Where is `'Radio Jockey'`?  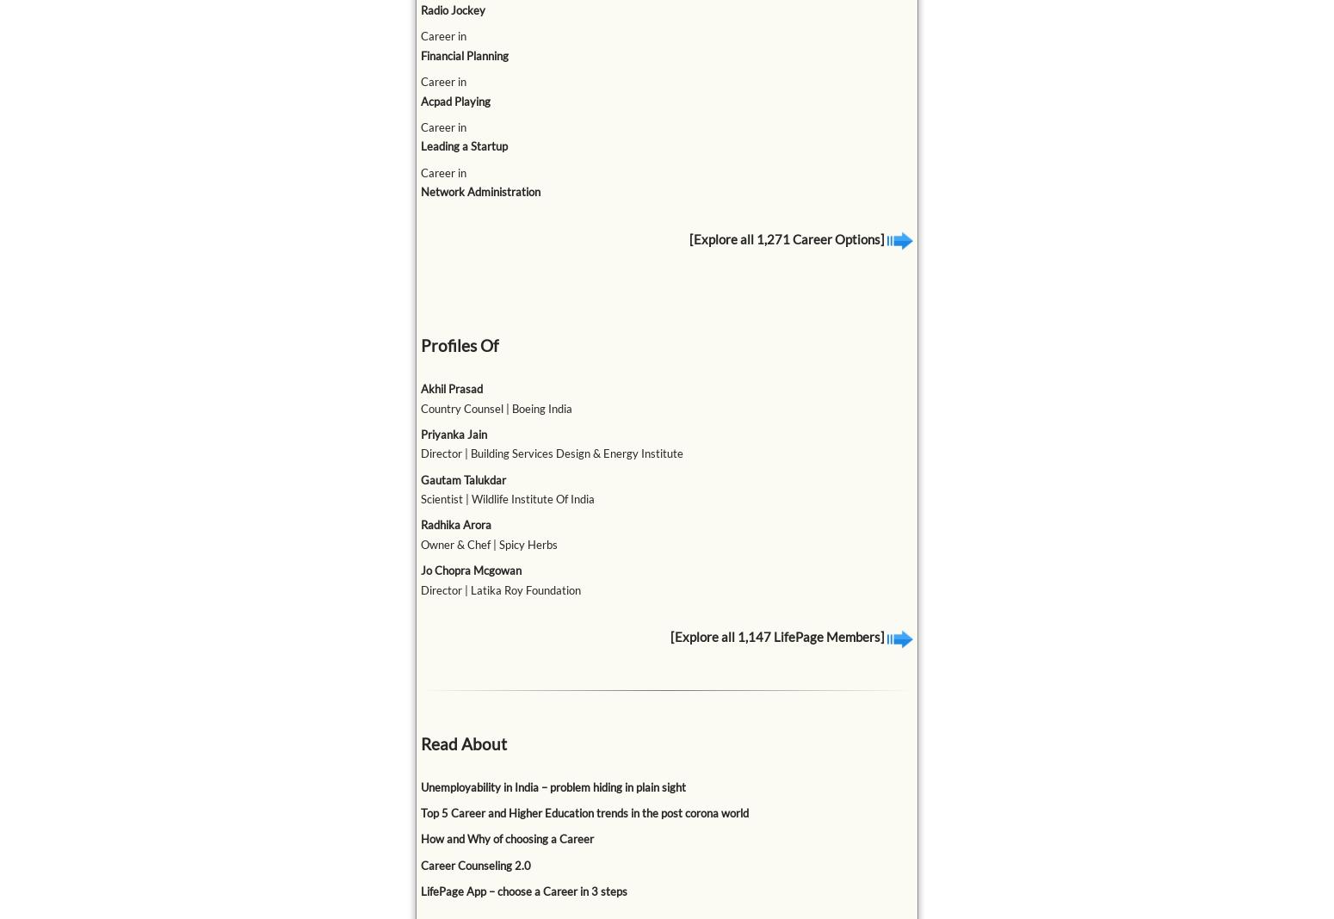
'Radio Jockey' is located at coordinates (418, 9).